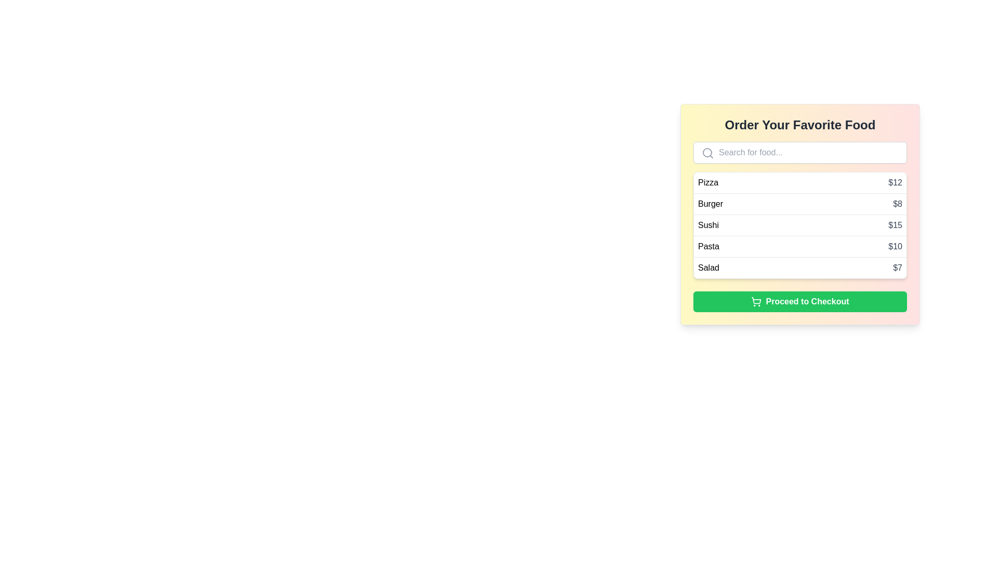 The width and height of the screenshot is (998, 561). I want to click on the selectable list item for 'Pizza' priced at '$12', so click(799, 182).